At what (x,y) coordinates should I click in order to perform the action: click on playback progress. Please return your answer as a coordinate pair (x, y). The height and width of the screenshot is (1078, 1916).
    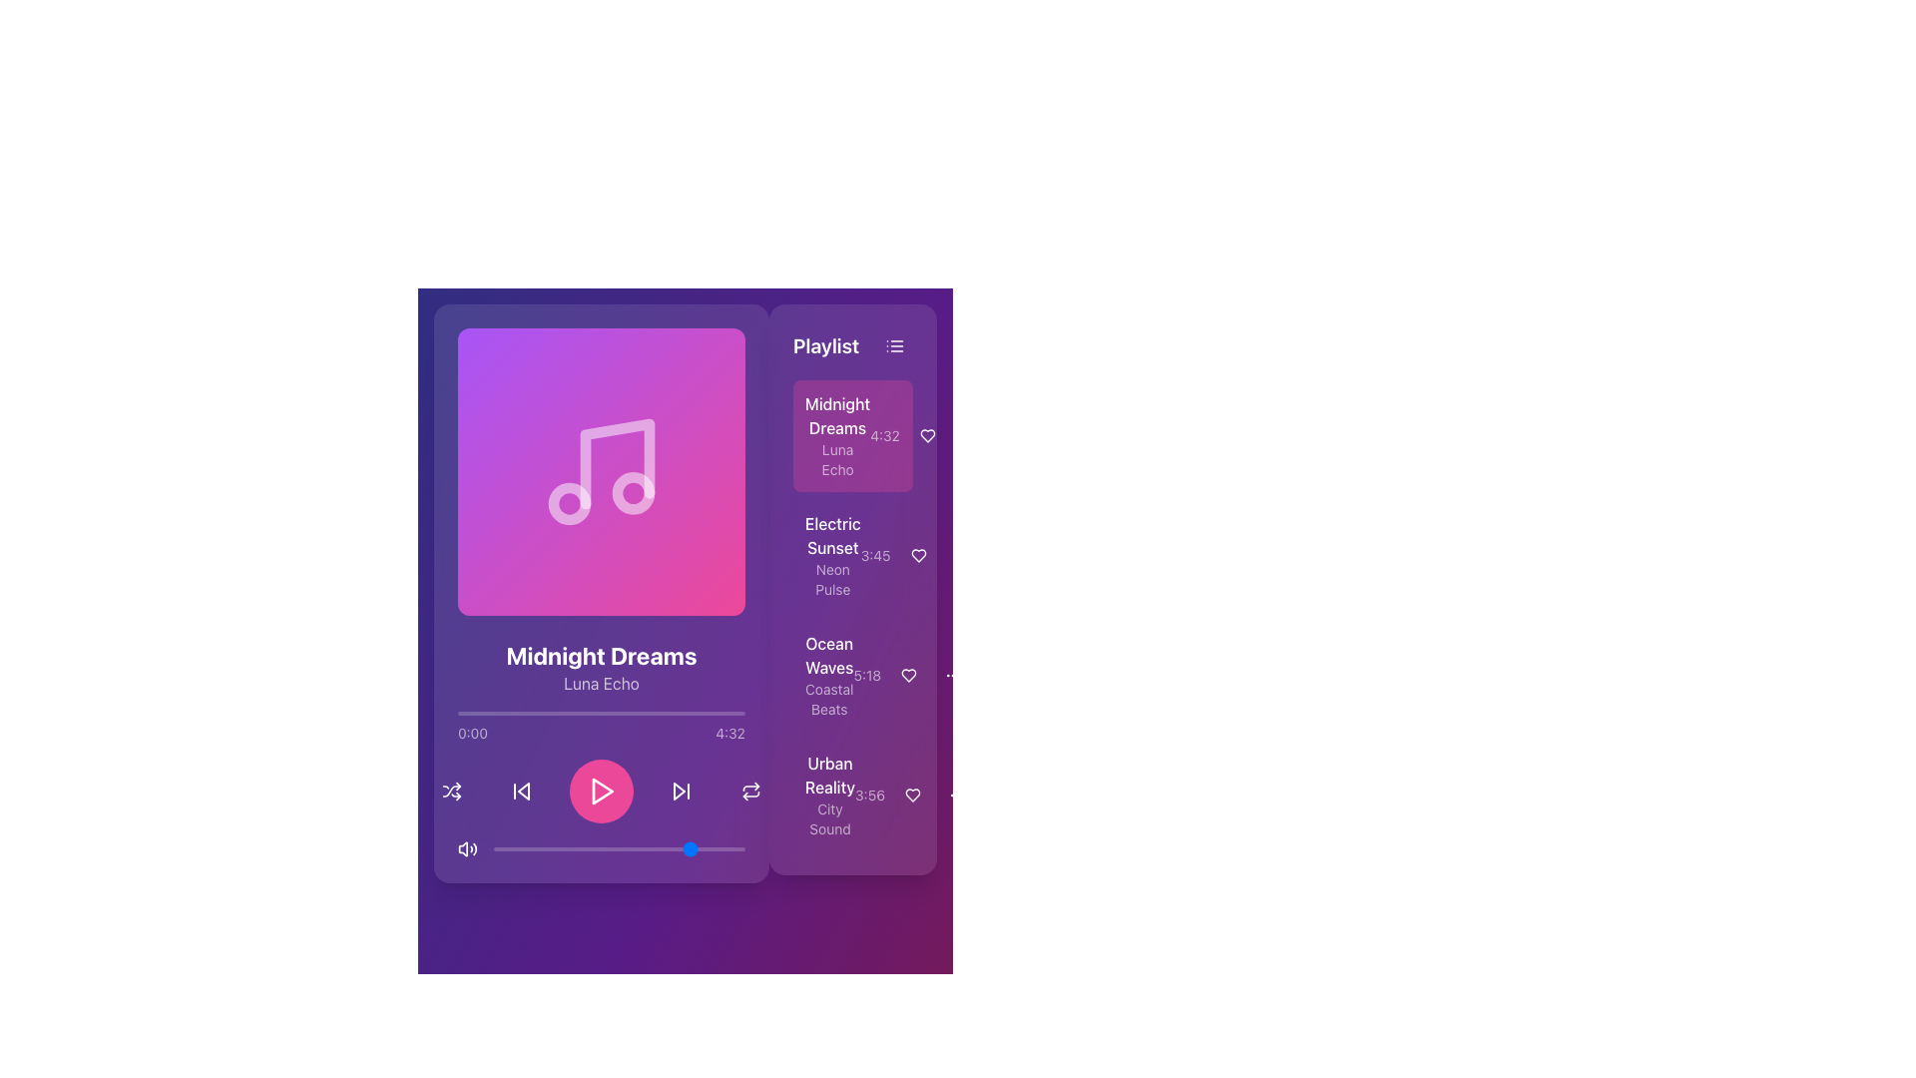
    Looking at the image, I should click on (493, 849).